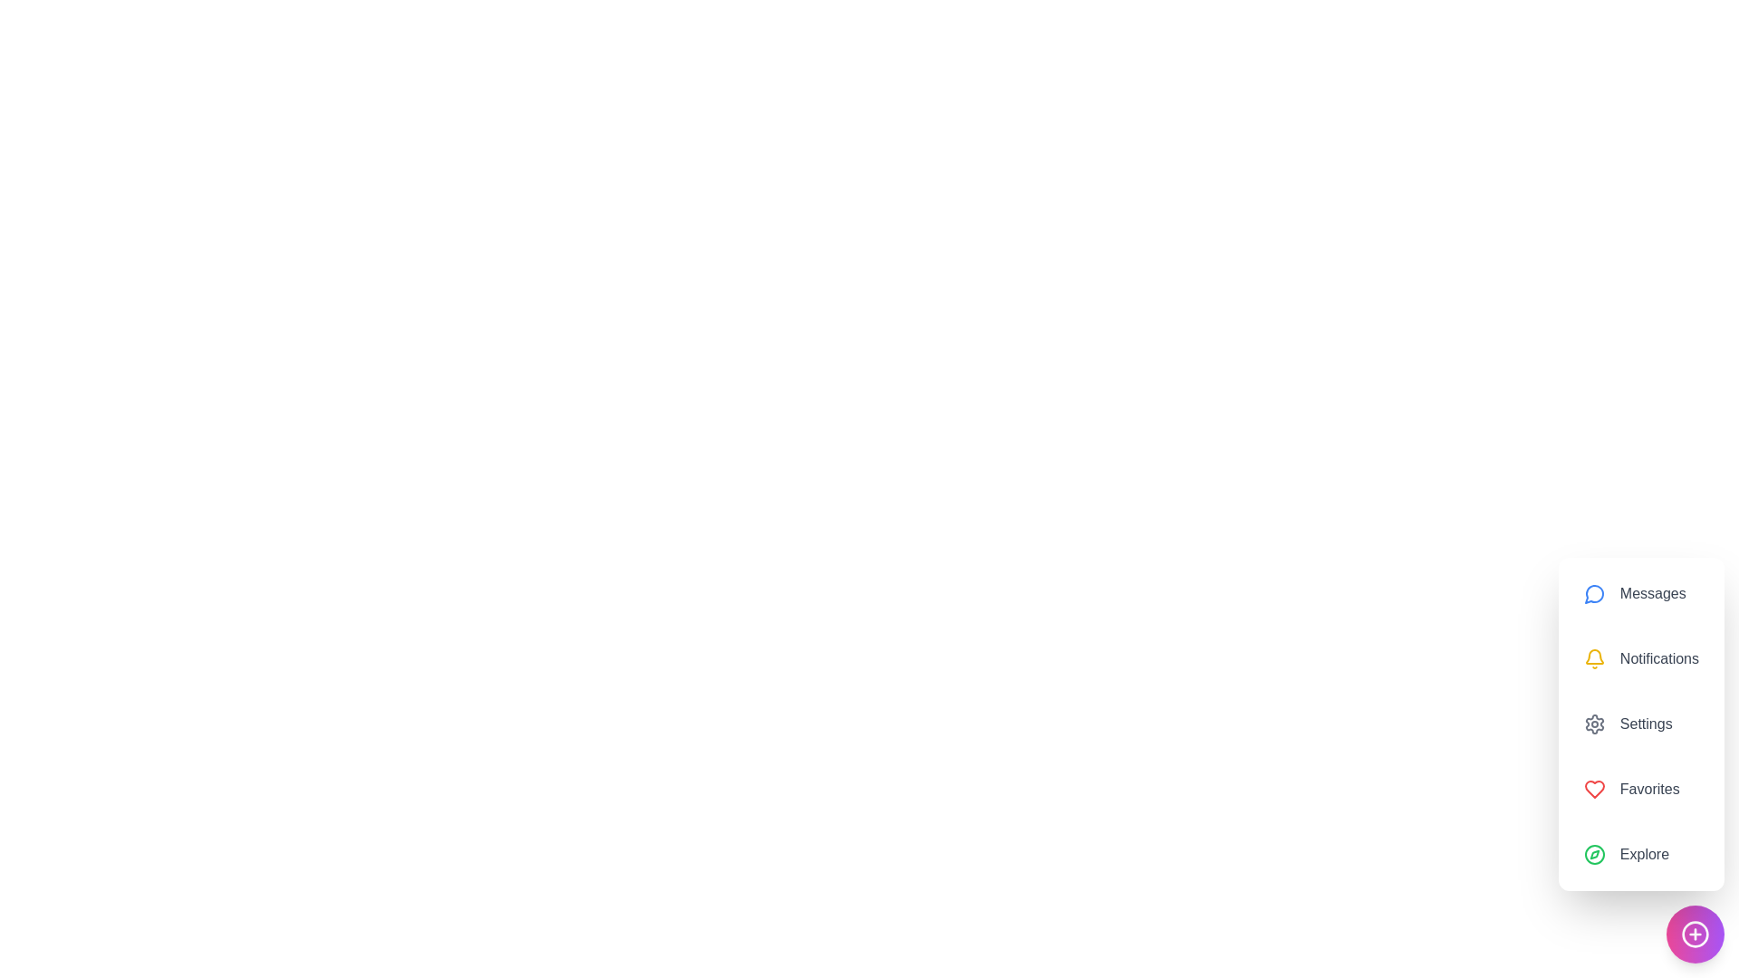  What do you see at coordinates (1640, 659) in the screenshot?
I see `the 'Notifications' button to view notifications` at bounding box center [1640, 659].